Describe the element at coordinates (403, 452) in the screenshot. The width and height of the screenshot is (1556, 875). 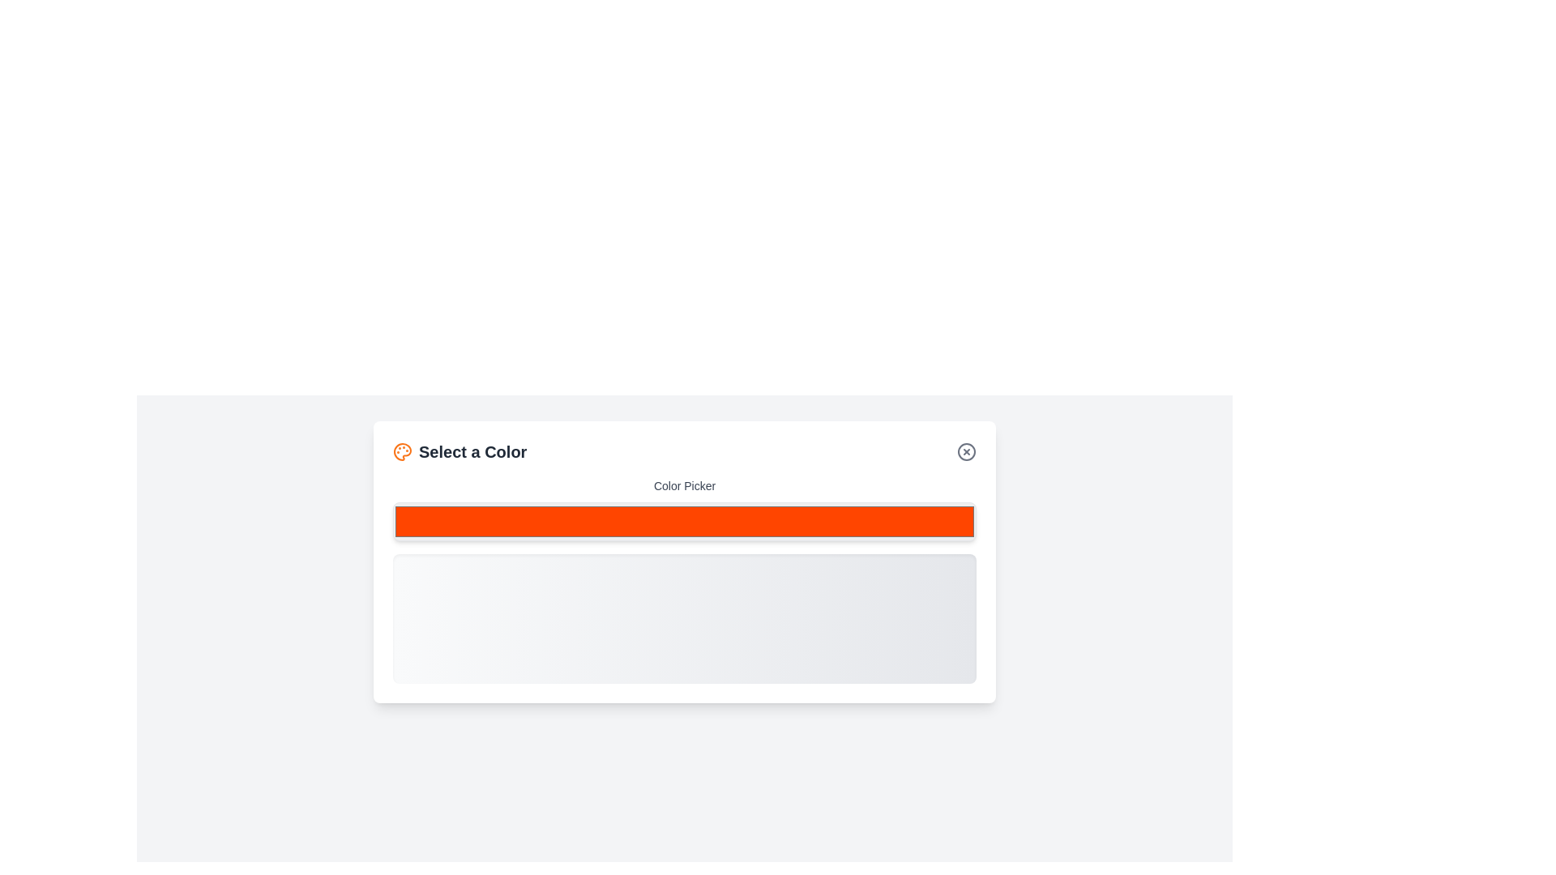
I see `the decorative color selection icon located to the left of the 'Select a Color' text in the header section of the modal dialog` at that location.